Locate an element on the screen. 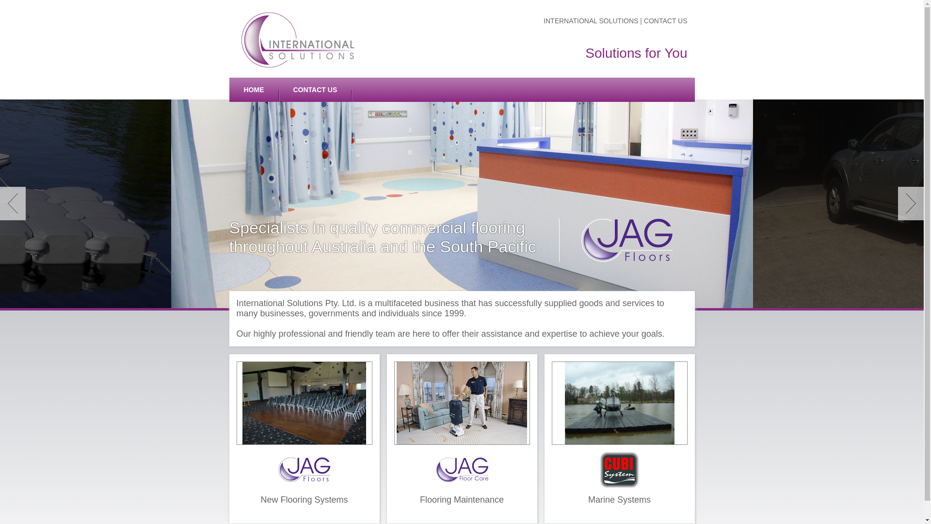 Image resolution: width=931 pixels, height=524 pixels. 'Flooring Maintenance' is located at coordinates (462, 439).